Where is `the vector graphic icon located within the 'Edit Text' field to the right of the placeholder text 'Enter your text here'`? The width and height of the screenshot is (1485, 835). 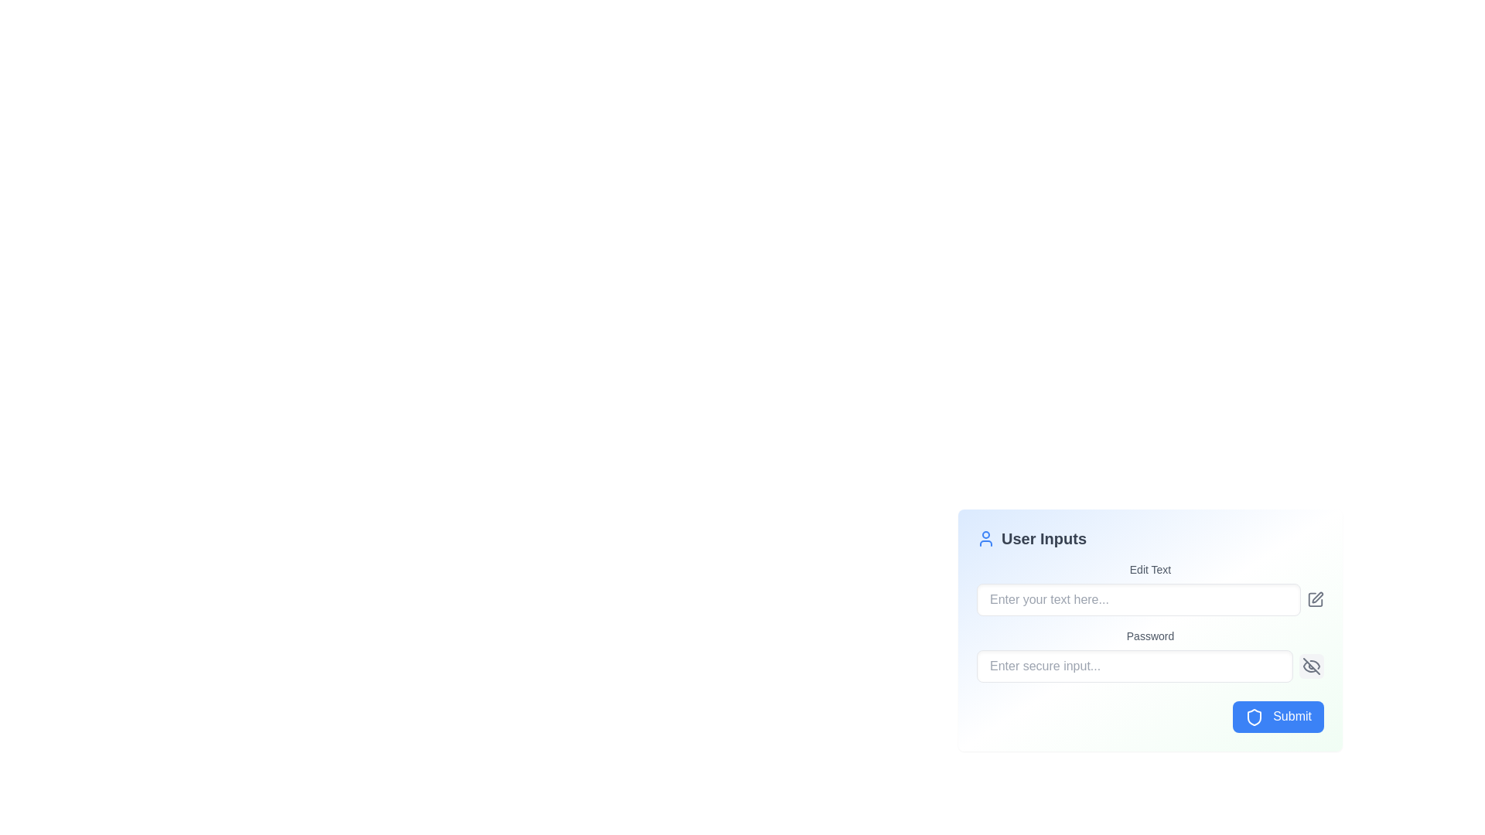 the vector graphic icon located within the 'Edit Text' field to the right of the placeholder text 'Enter your text here' is located at coordinates (1316, 597).